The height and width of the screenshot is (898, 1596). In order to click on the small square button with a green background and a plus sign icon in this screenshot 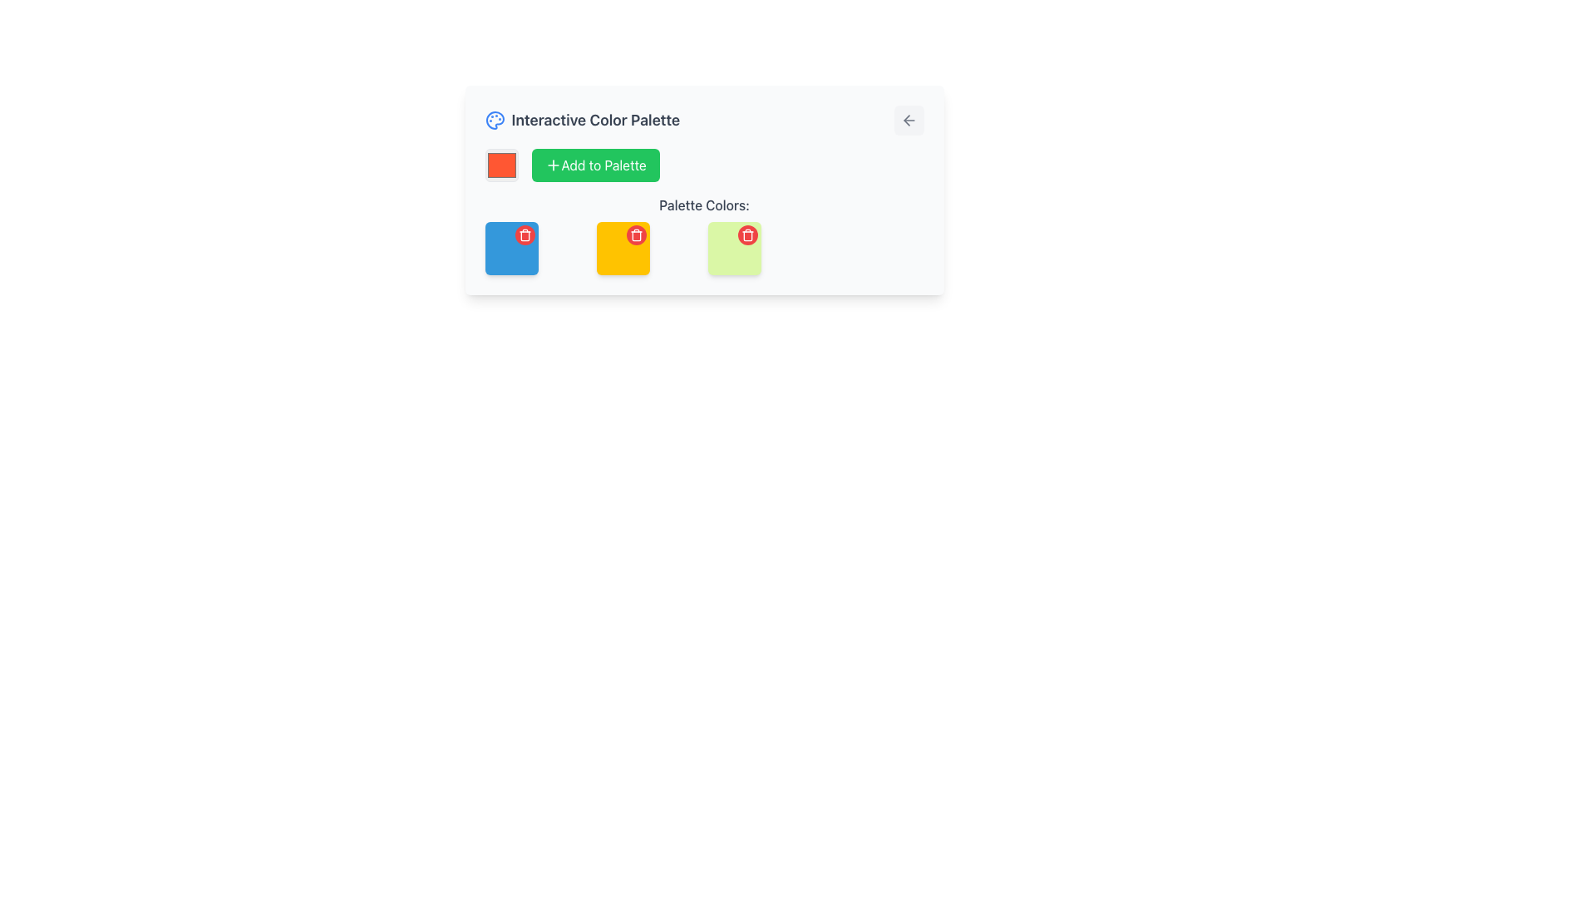, I will do `click(553, 165)`.